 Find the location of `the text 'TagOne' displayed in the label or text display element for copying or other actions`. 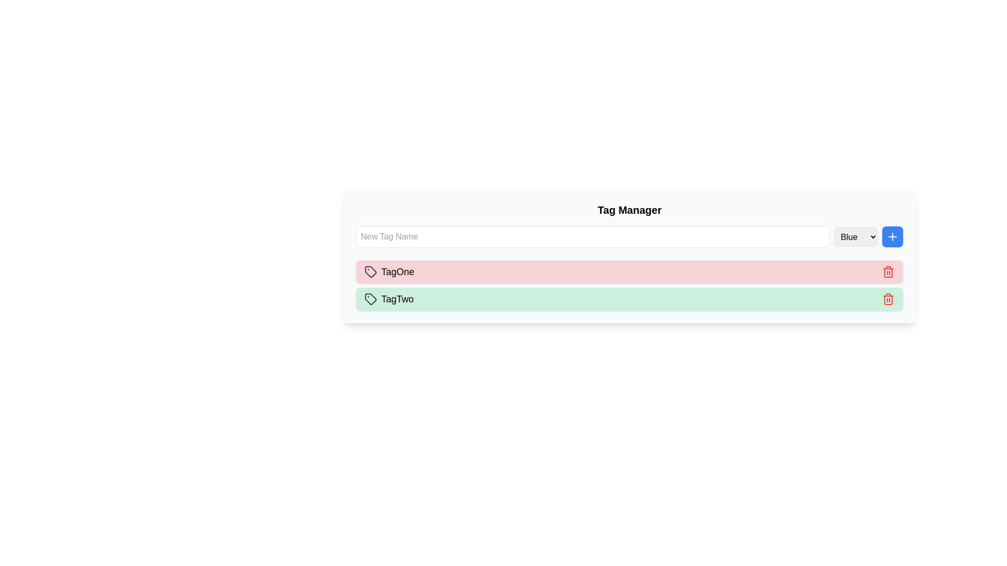

the text 'TagOne' displayed in the label or text display element for copying or other actions is located at coordinates (397, 271).